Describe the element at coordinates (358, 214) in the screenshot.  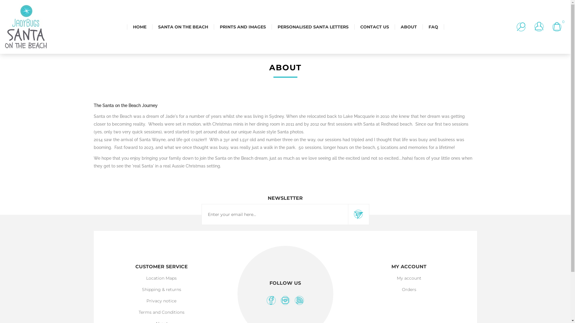
I see `'Subscribe'` at that location.